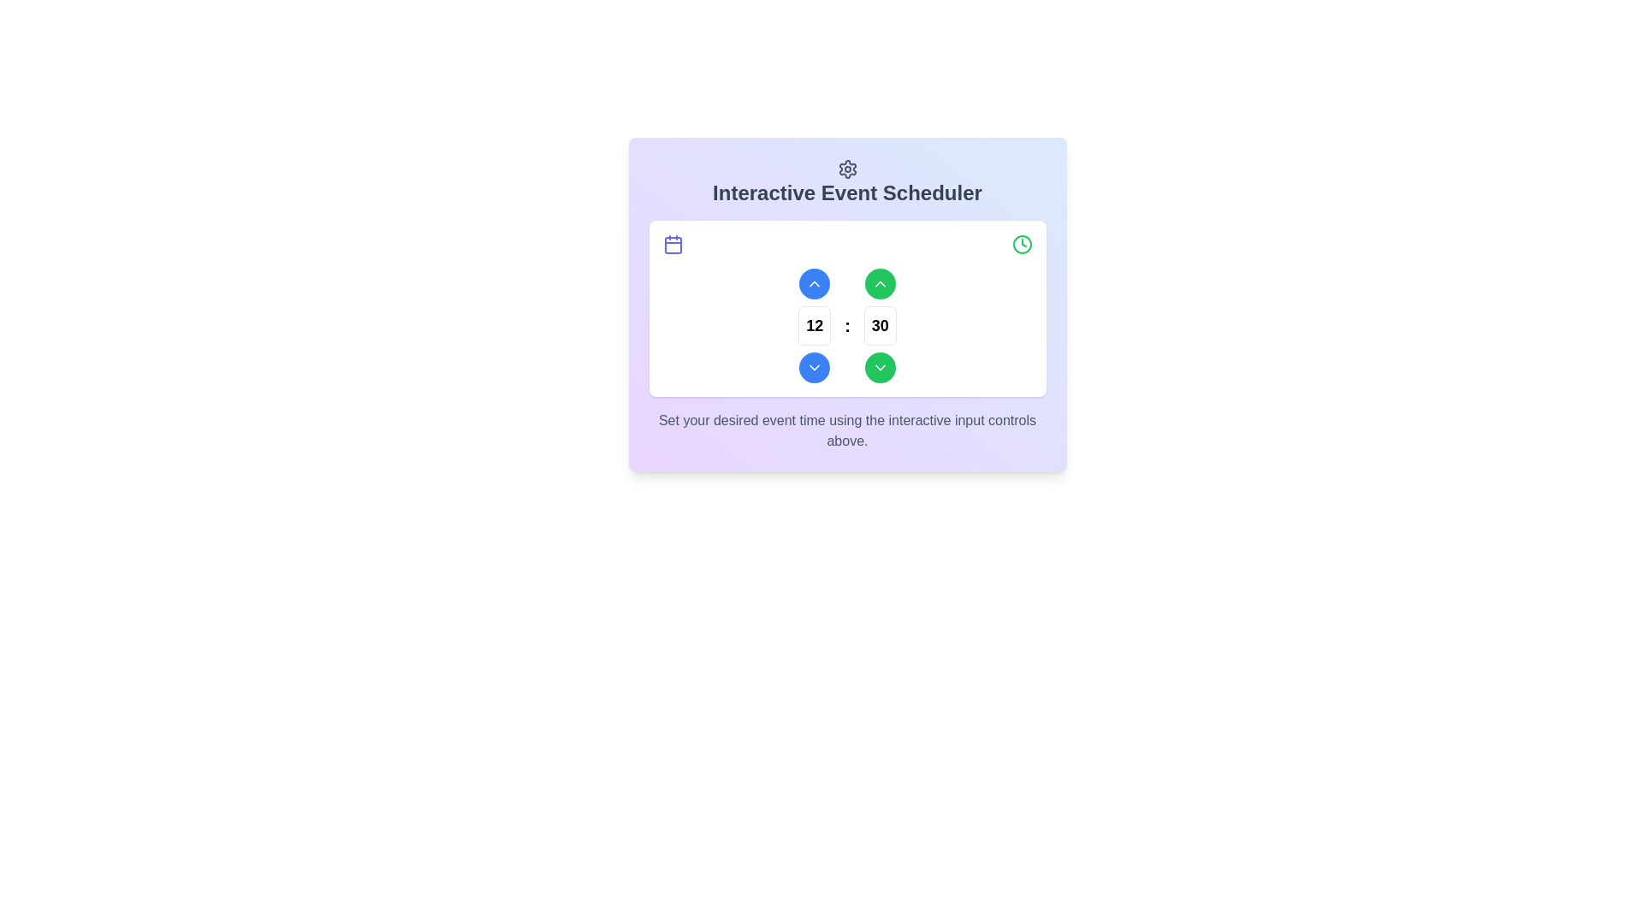  What do you see at coordinates (847, 325) in the screenshot?
I see `the bold colon symbol (':') that is centrally located within the time-setting interface, visually separating the hour and minute input fields` at bounding box center [847, 325].